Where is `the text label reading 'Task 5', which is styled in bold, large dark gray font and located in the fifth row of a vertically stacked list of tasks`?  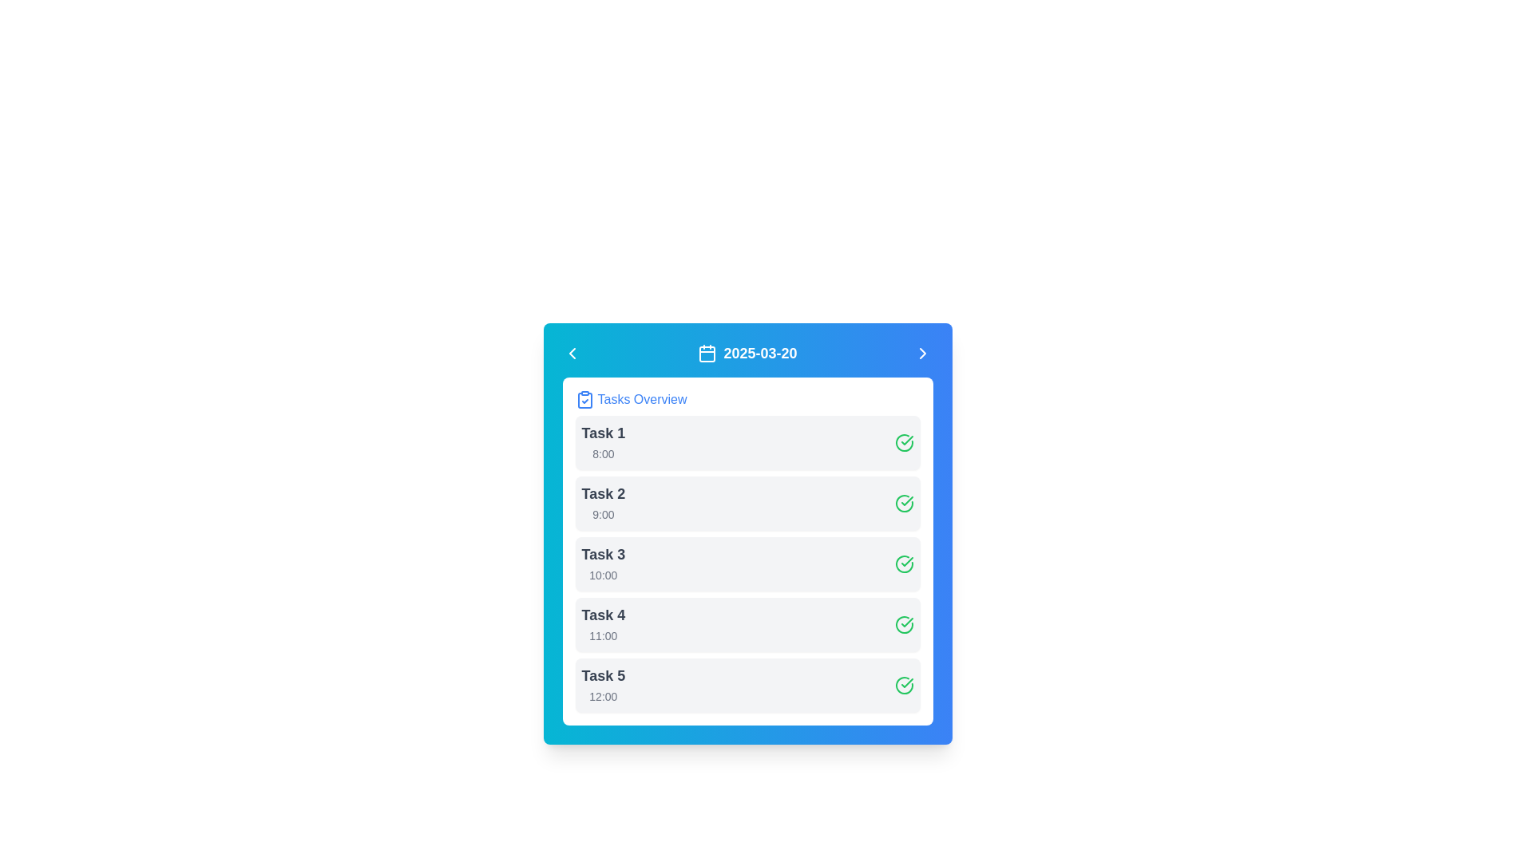 the text label reading 'Task 5', which is styled in bold, large dark gray font and located in the fifth row of a vertically stacked list of tasks is located at coordinates (602, 676).